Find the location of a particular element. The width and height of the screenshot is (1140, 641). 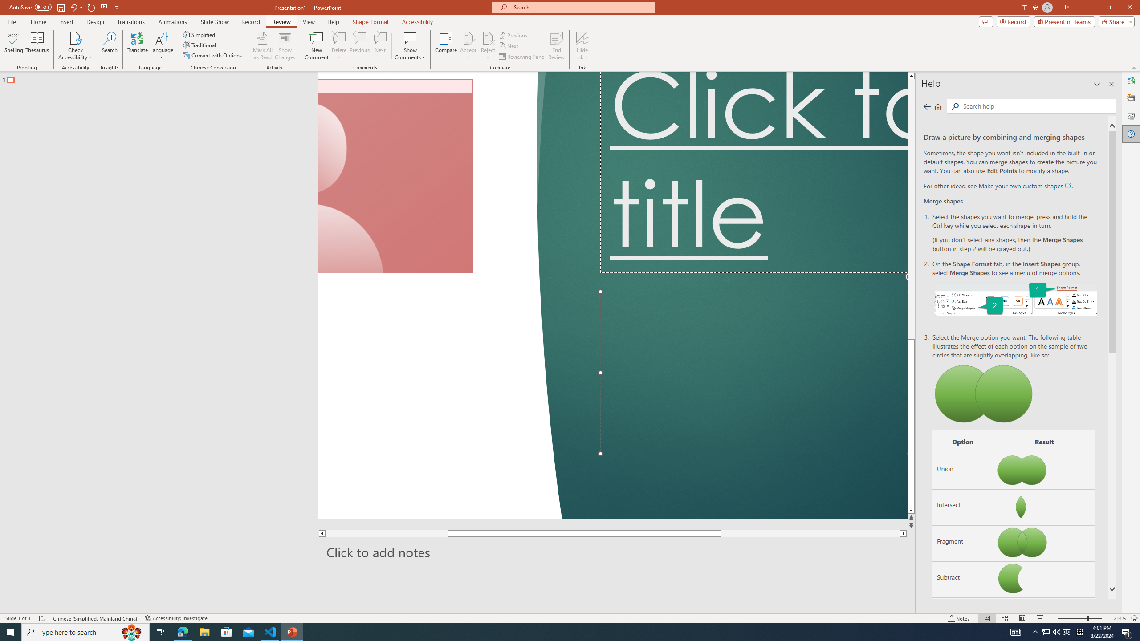

'Fragment' is located at coordinates (962, 543).